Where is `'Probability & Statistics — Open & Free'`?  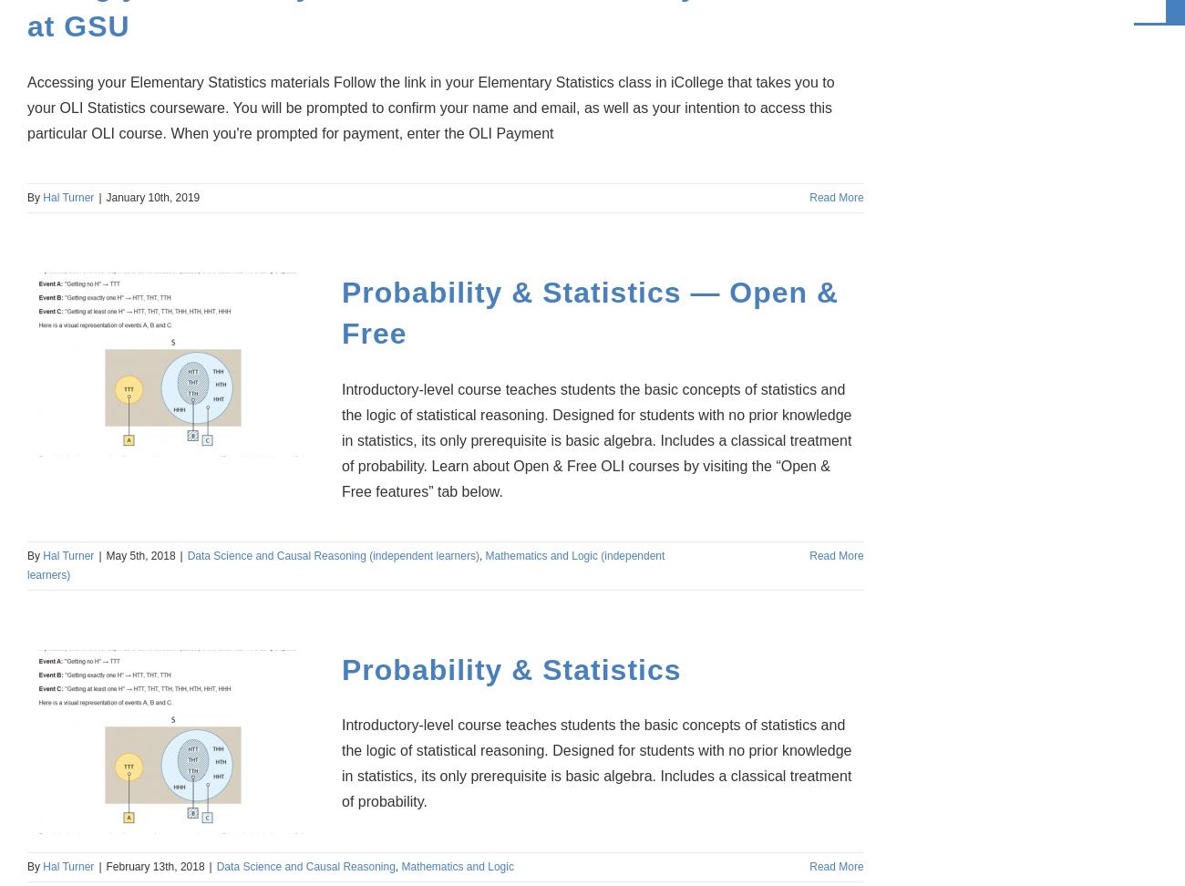 'Probability & Statistics — Open & Free' is located at coordinates (590, 311).